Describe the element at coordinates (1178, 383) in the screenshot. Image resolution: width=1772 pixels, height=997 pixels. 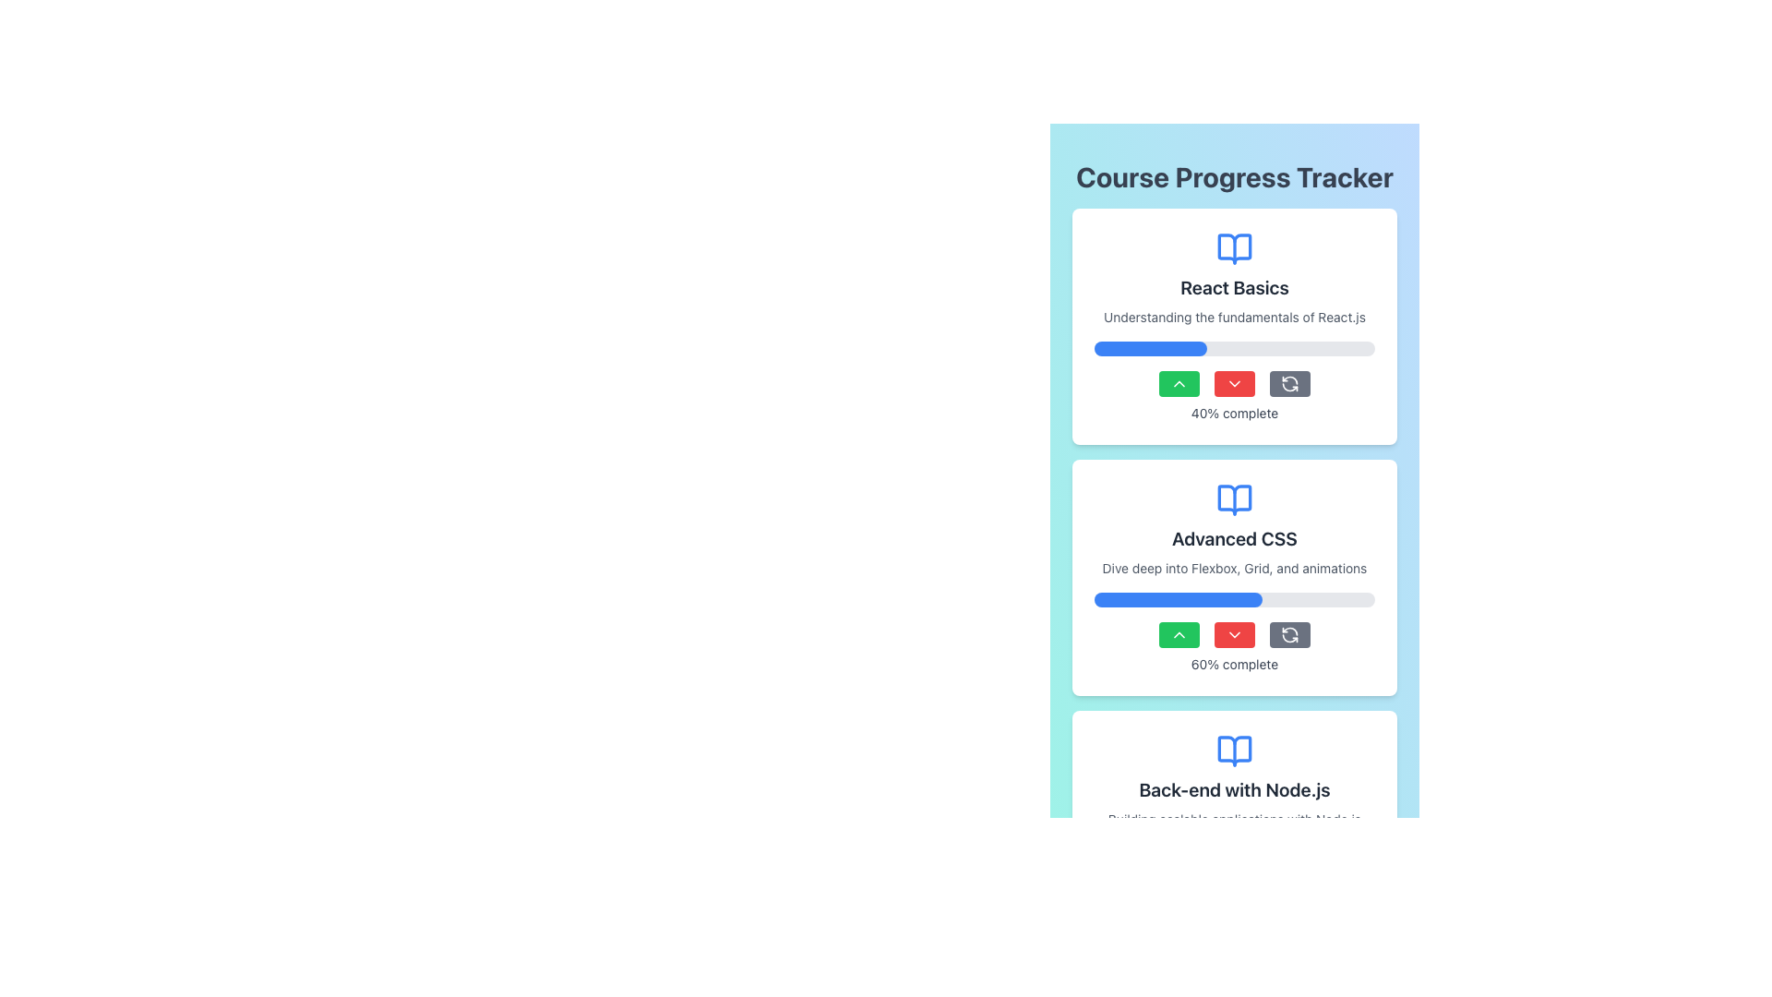
I see `the first button in the horizontal set located in the 'React Basics' section of the course tracker interface` at that location.